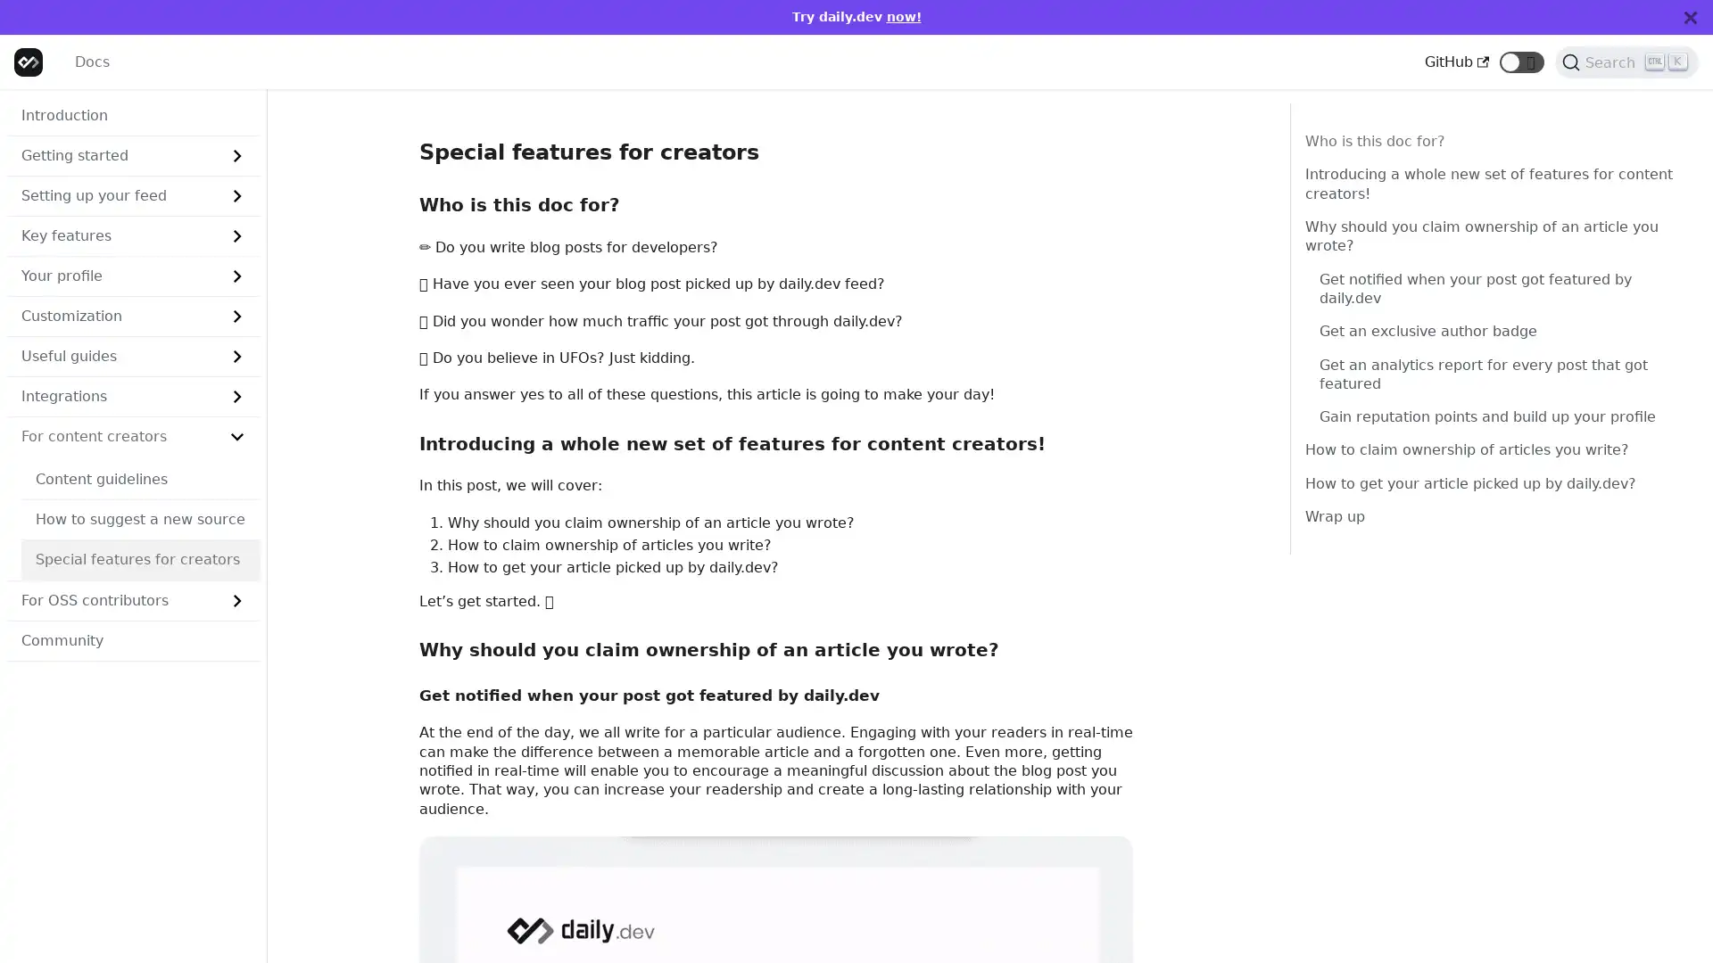  Describe the element at coordinates (1626, 61) in the screenshot. I see `Search` at that location.